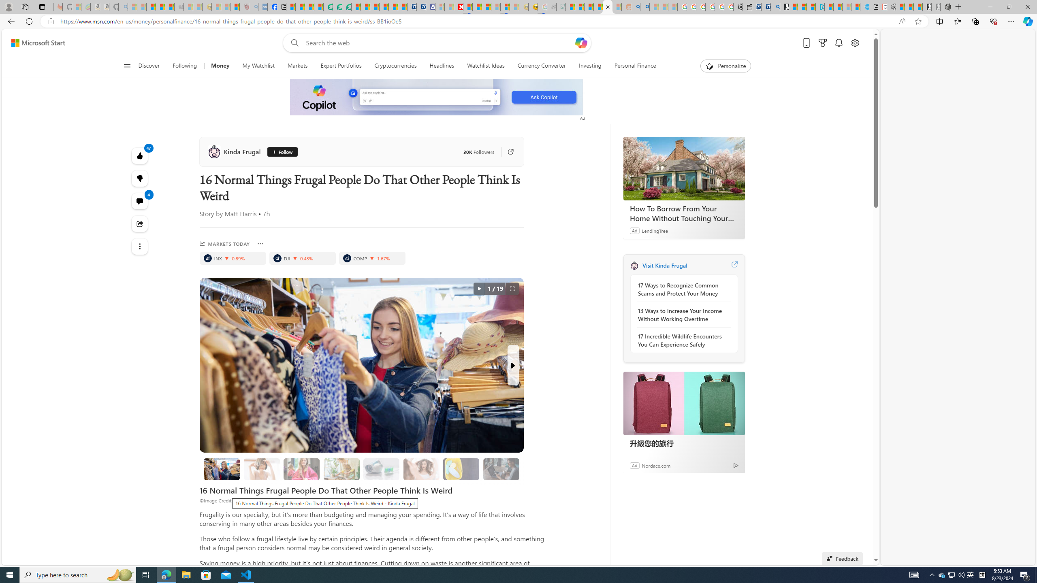 The width and height of the screenshot is (1037, 583). Describe the element at coordinates (140, 178) in the screenshot. I see `'47'` at that location.